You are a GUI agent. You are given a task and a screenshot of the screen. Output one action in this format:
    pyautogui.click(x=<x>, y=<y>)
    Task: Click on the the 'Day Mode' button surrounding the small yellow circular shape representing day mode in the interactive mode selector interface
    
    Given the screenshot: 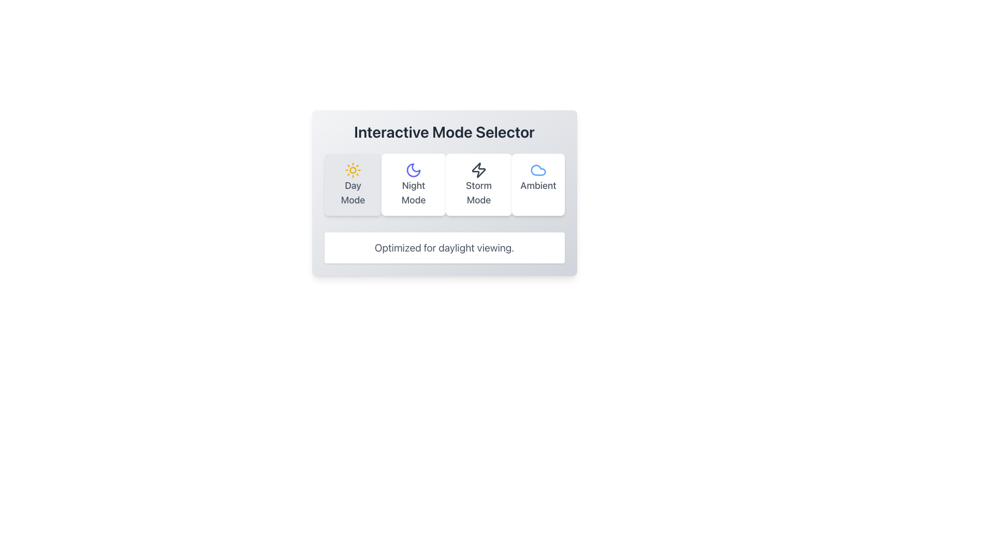 What is the action you would take?
    pyautogui.click(x=353, y=169)
    